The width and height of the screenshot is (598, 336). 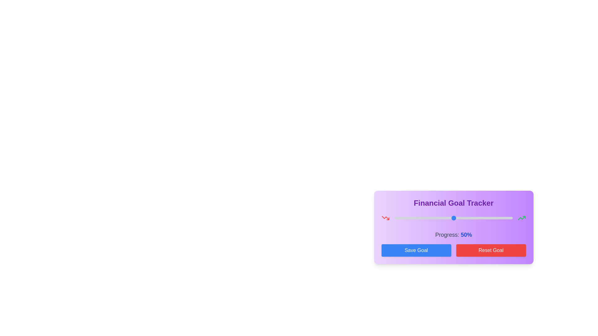 I want to click on the progress slider to 76%, so click(x=484, y=218).